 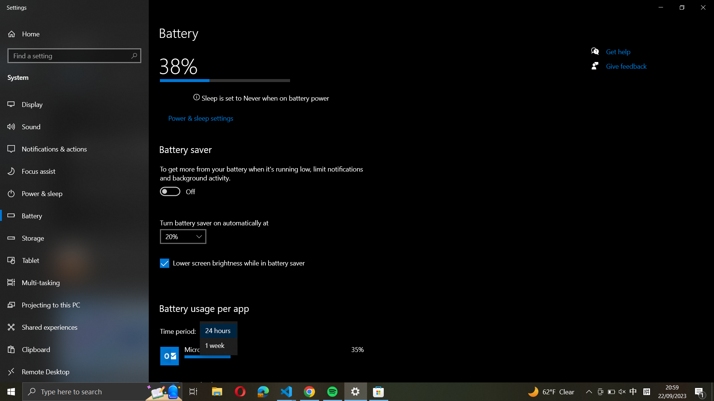 What do you see at coordinates (75, 306) in the screenshot?
I see `"Project to this PC" settings via side panel` at bounding box center [75, 306].